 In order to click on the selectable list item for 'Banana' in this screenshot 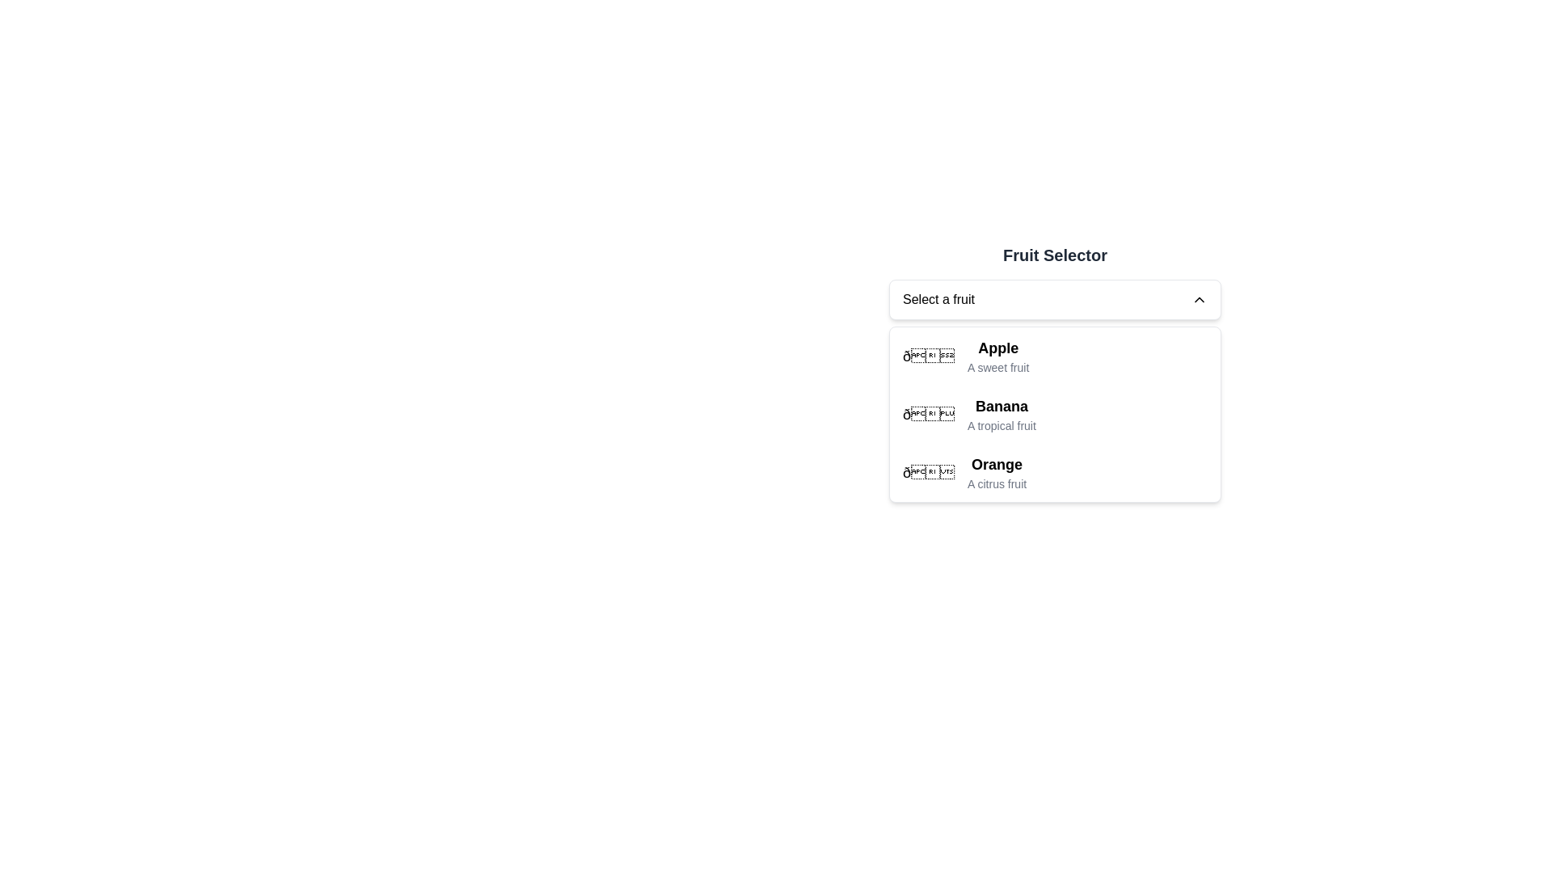, I will do `click(1055, 414)`.